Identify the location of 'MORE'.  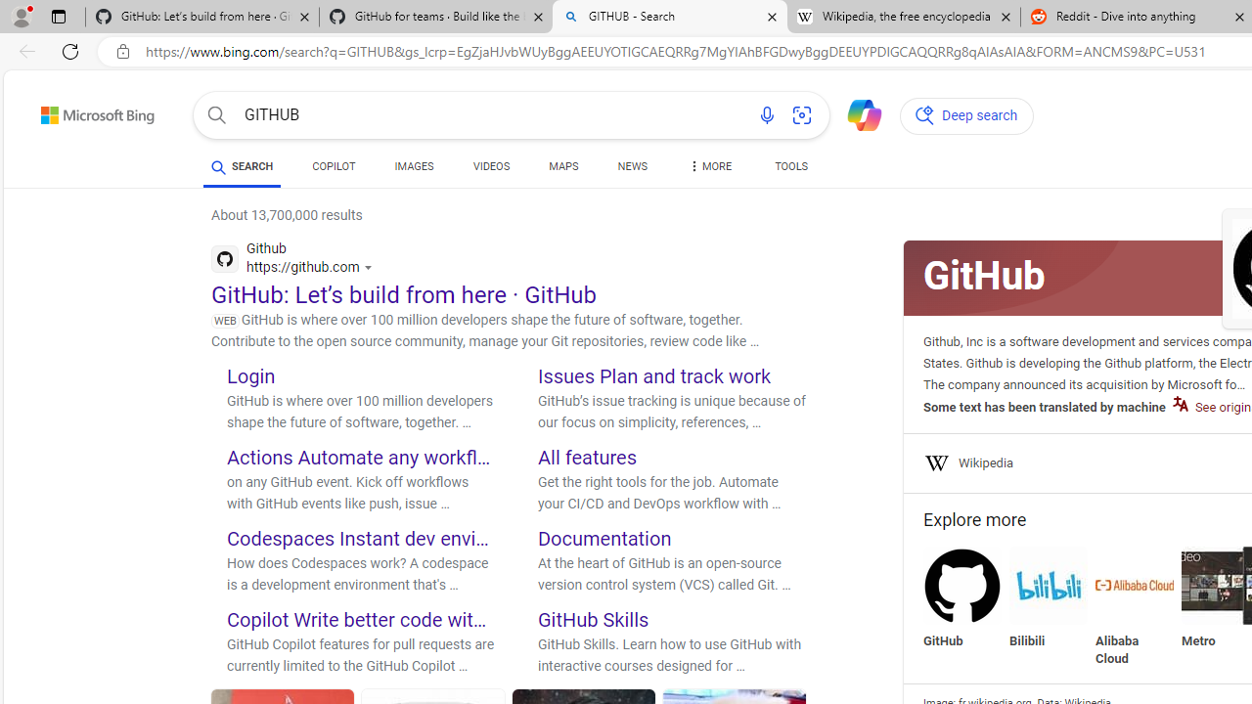
(707, 168).